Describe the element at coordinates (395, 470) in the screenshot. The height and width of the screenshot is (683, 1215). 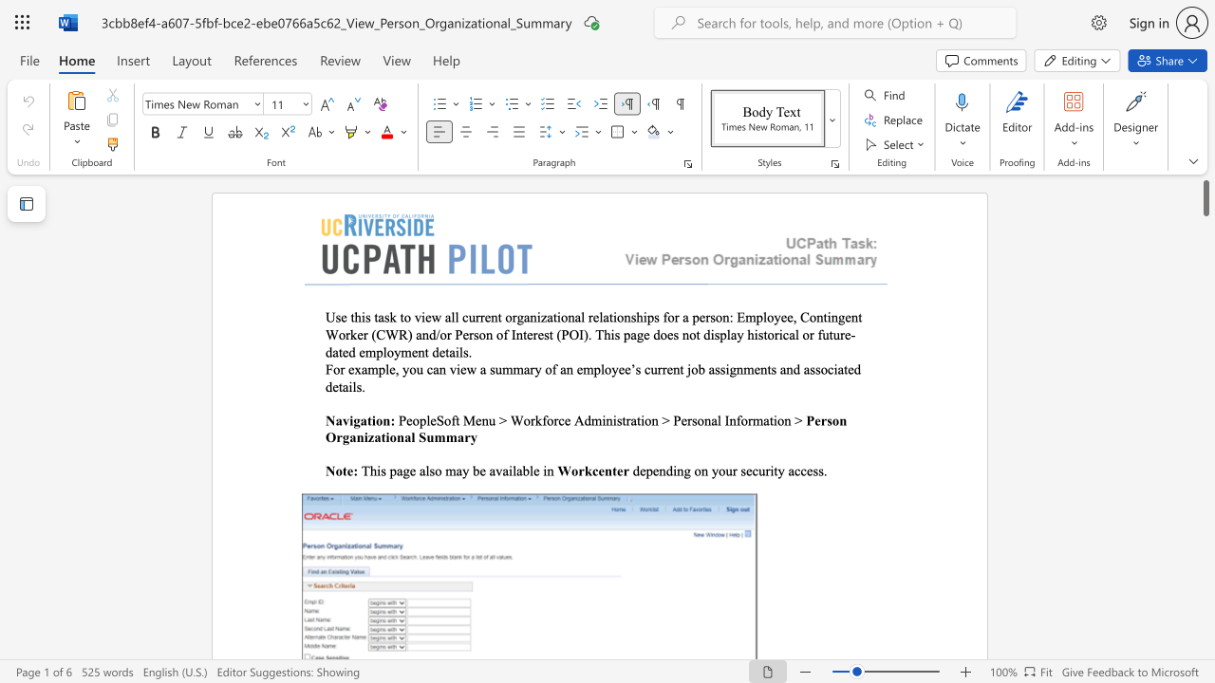
I see `the space between the continuous character "p" and "a" in the text` at that location.